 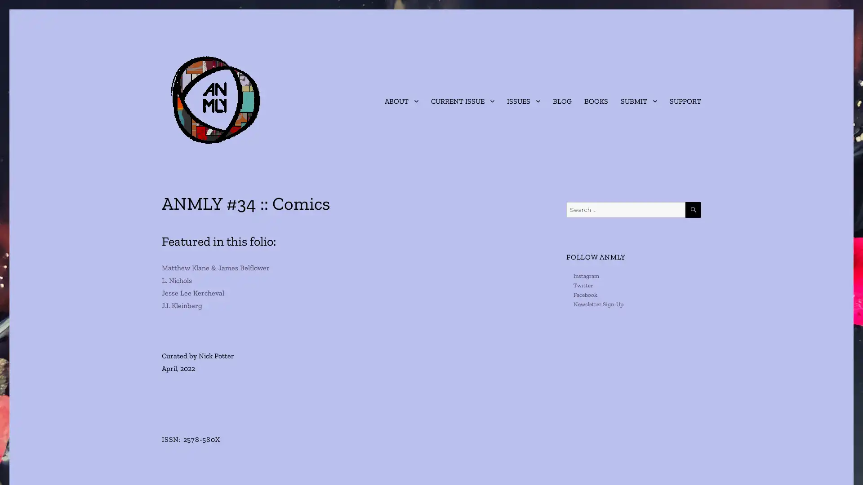 I want to click on SEARCH, so click(x=693, y=210).